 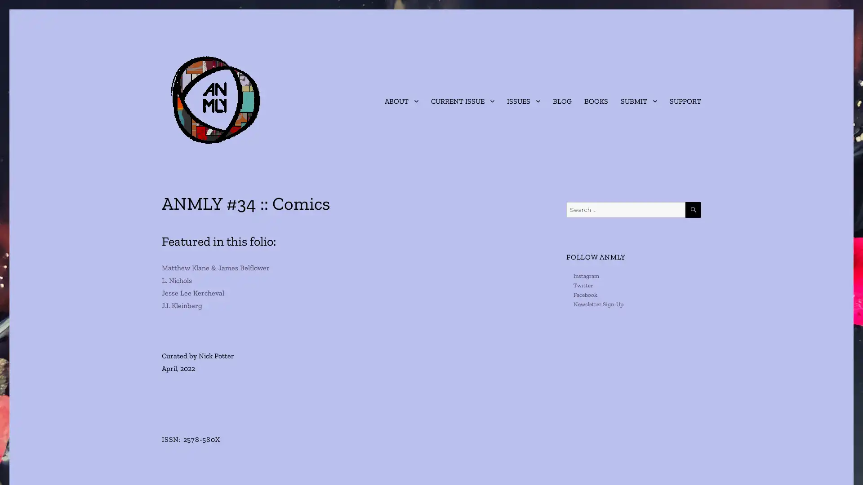 I want to click on SEARCH, so click(x=693, y=210).